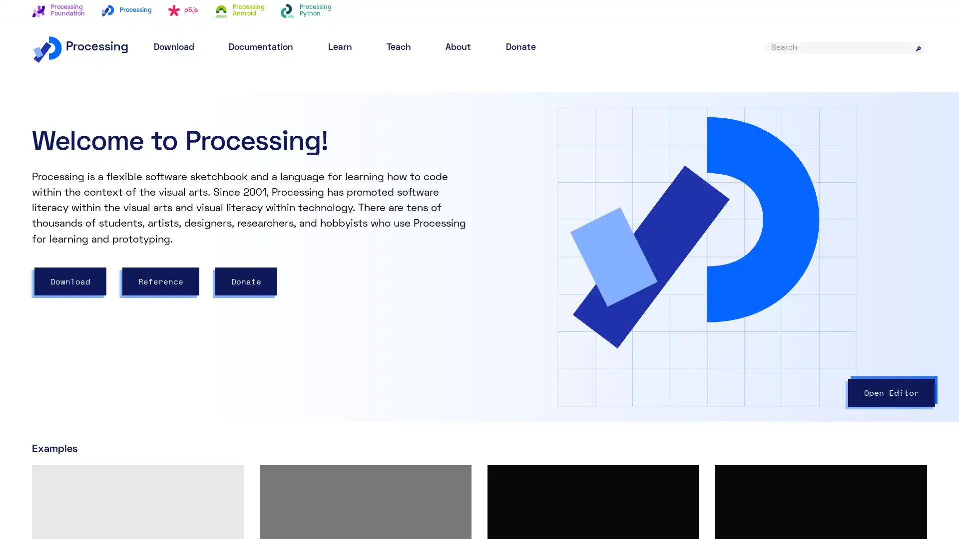 The image size is (959, 539). Describe the element at coordinates (594, 124) in the screenshot. I see `true` at that location.